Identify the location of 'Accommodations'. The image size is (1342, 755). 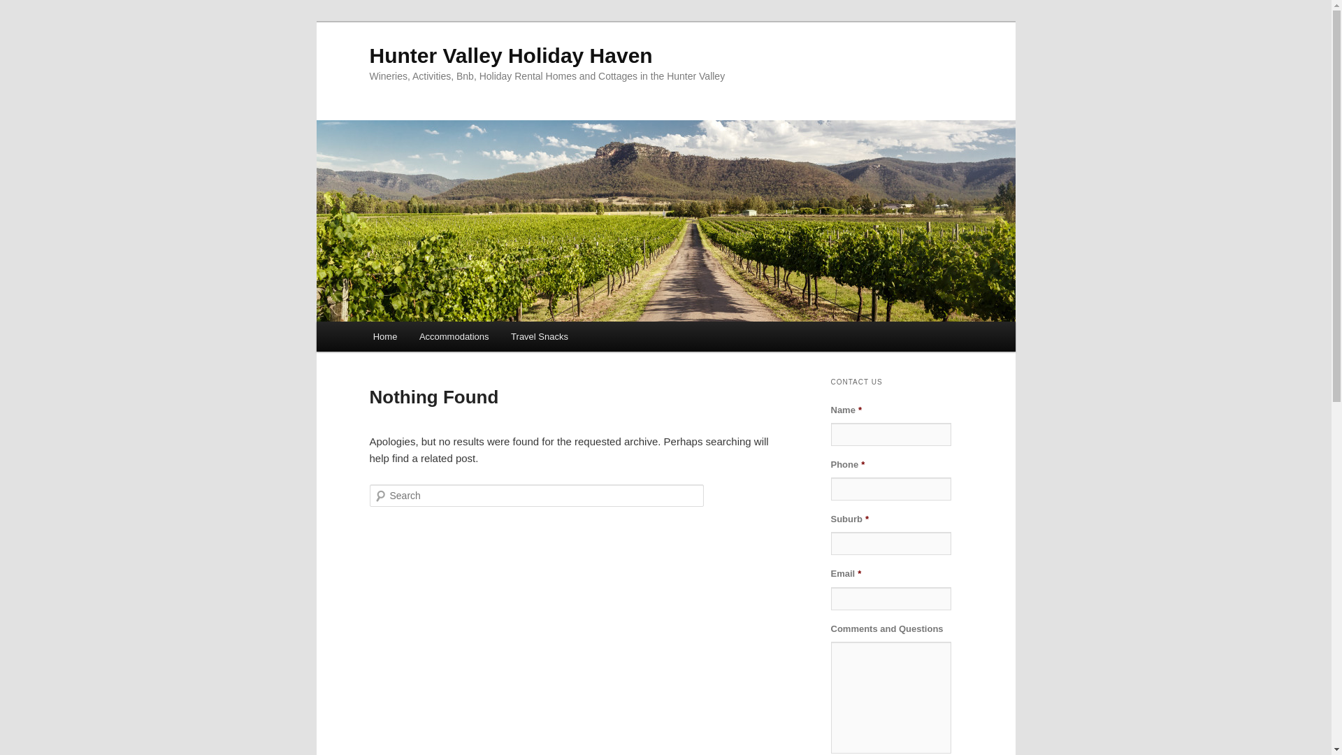
(407, 336).